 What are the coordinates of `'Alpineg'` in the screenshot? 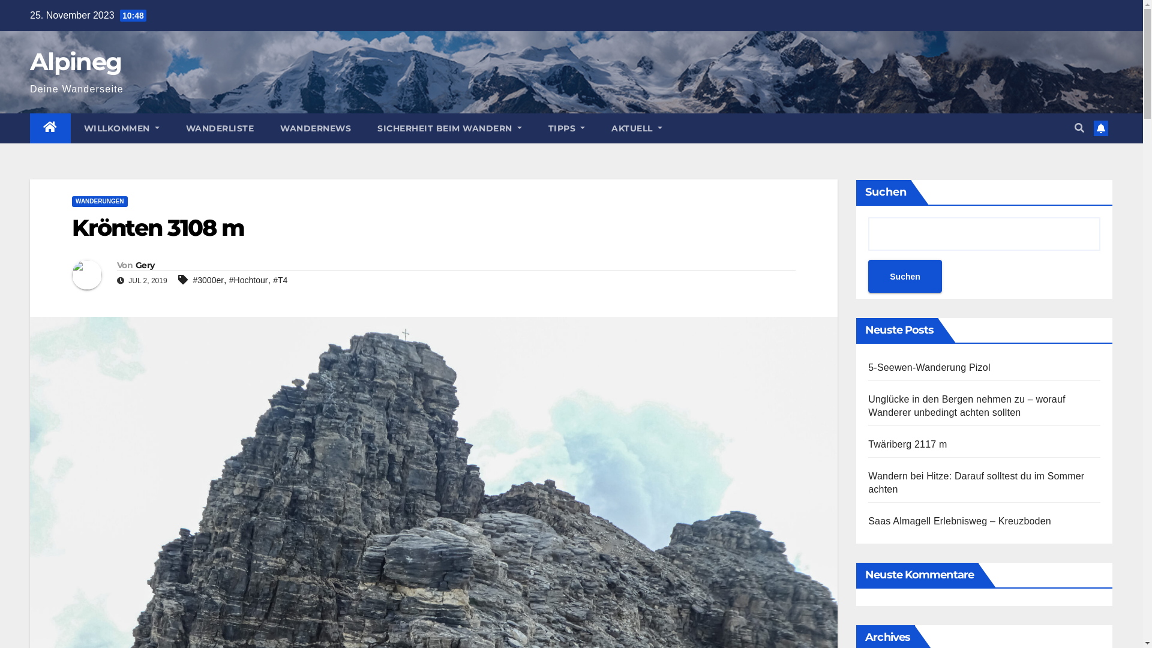 It's located at (74, 61).